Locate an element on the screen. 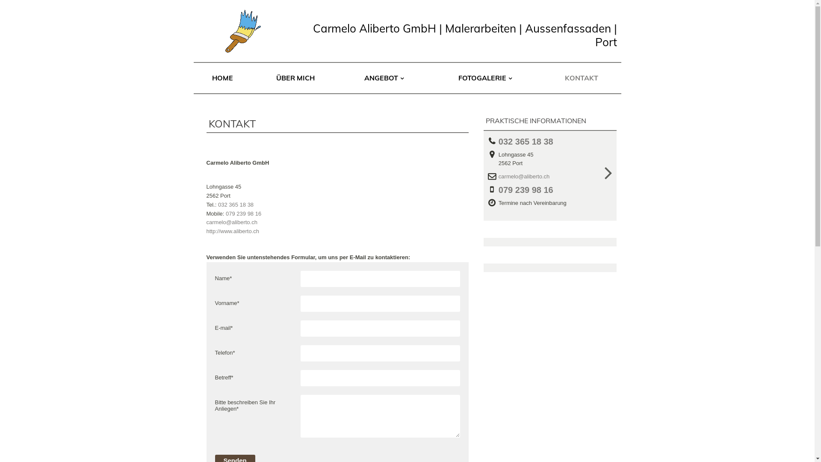 Image resolution: width=821 pixels, height=462 pixels. 'FOTOGALERIE' is located at coordinates (485, 78).